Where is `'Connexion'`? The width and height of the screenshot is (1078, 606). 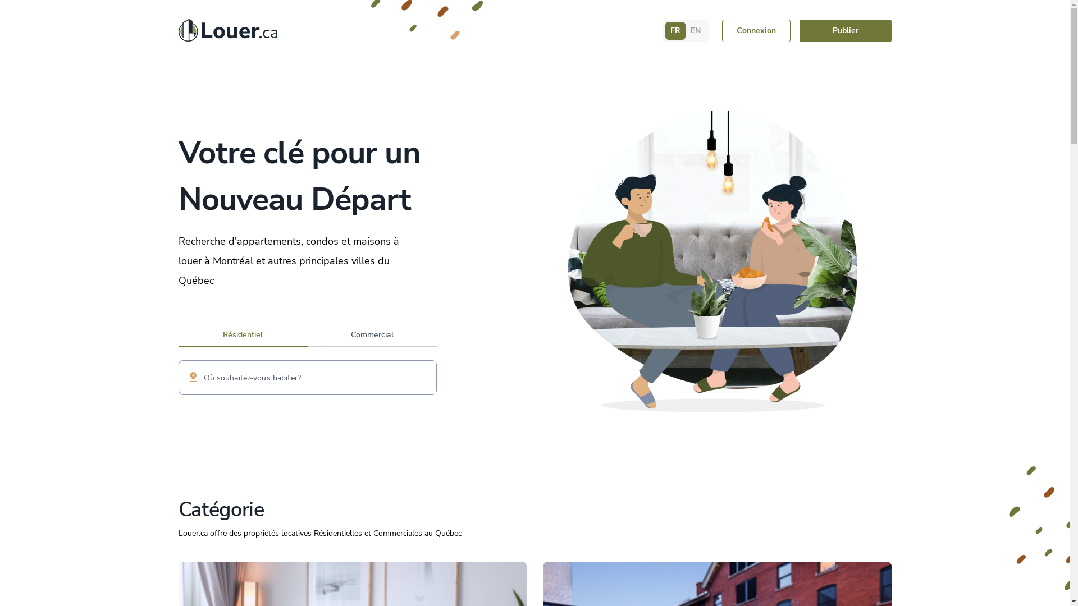
'Connexion' is located at coordinates (756, 30).